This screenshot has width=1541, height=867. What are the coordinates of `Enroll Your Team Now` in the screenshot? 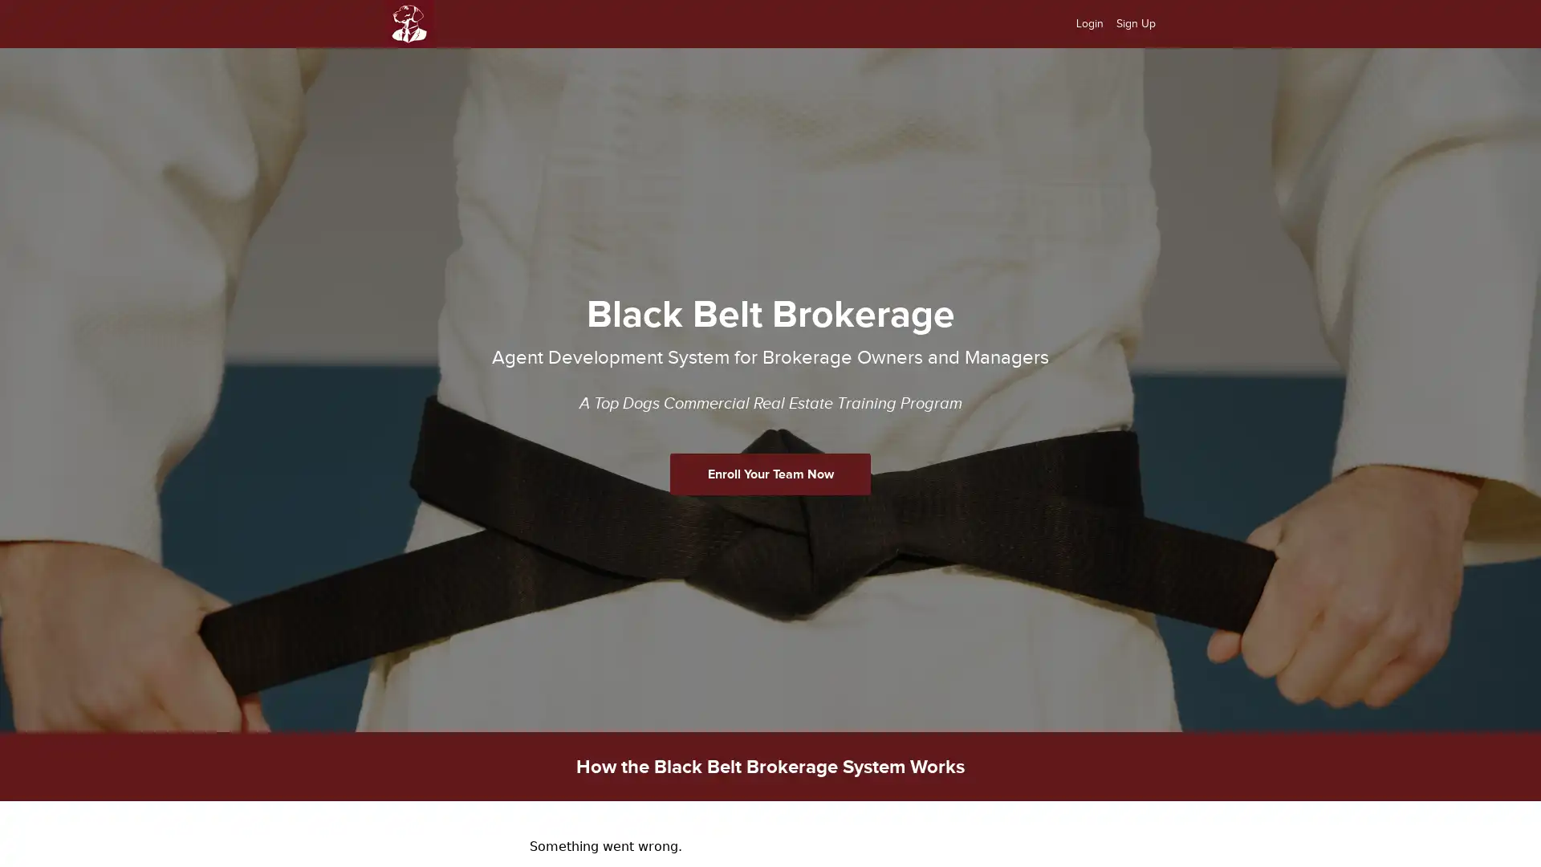 It's located at (770, 473).